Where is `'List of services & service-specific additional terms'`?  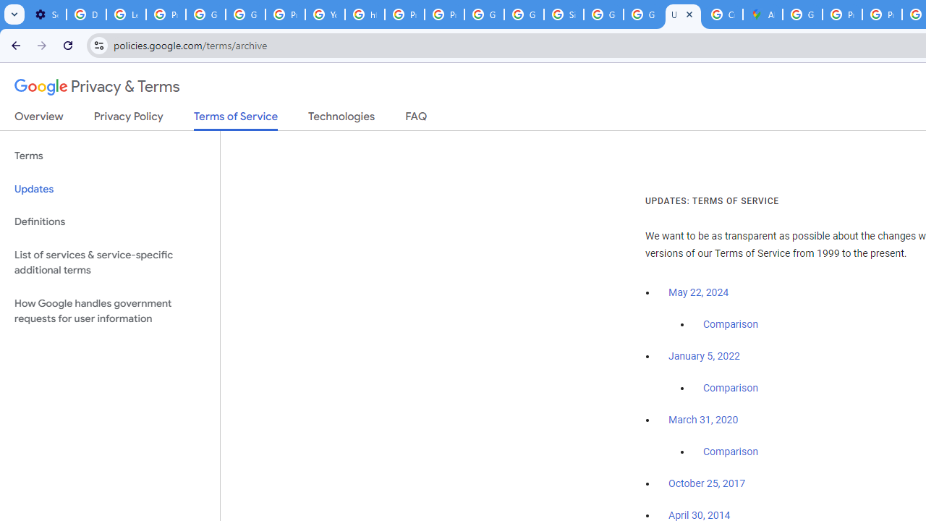 'List of services & service-specific additional terms' is located at coordinates (109, 262).